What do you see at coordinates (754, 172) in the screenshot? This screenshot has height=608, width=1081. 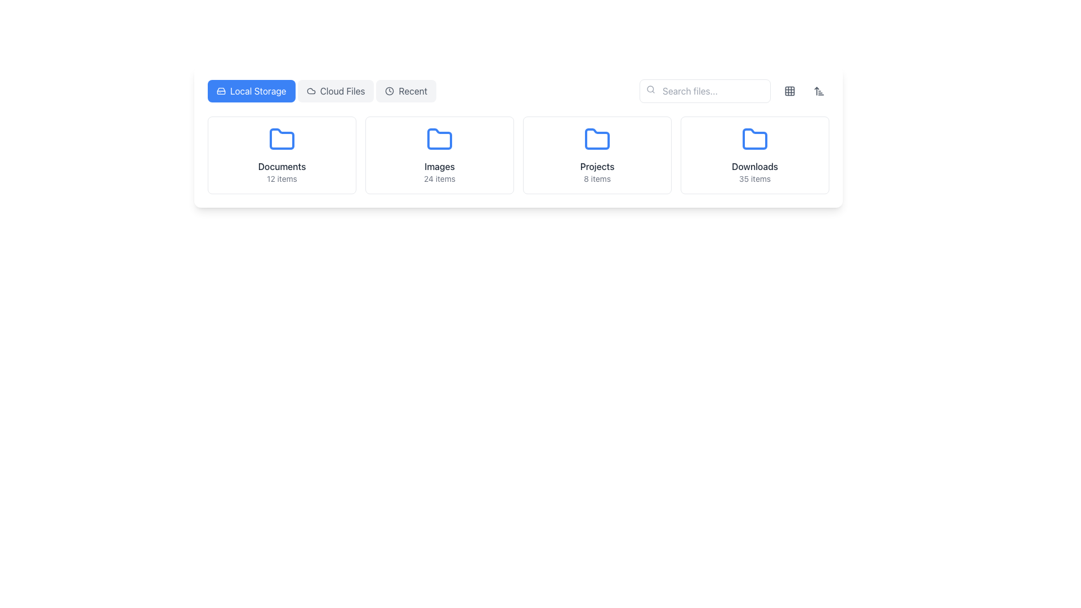 I see `the 'Downloads' folder text label` at bounding box center [754, 172].